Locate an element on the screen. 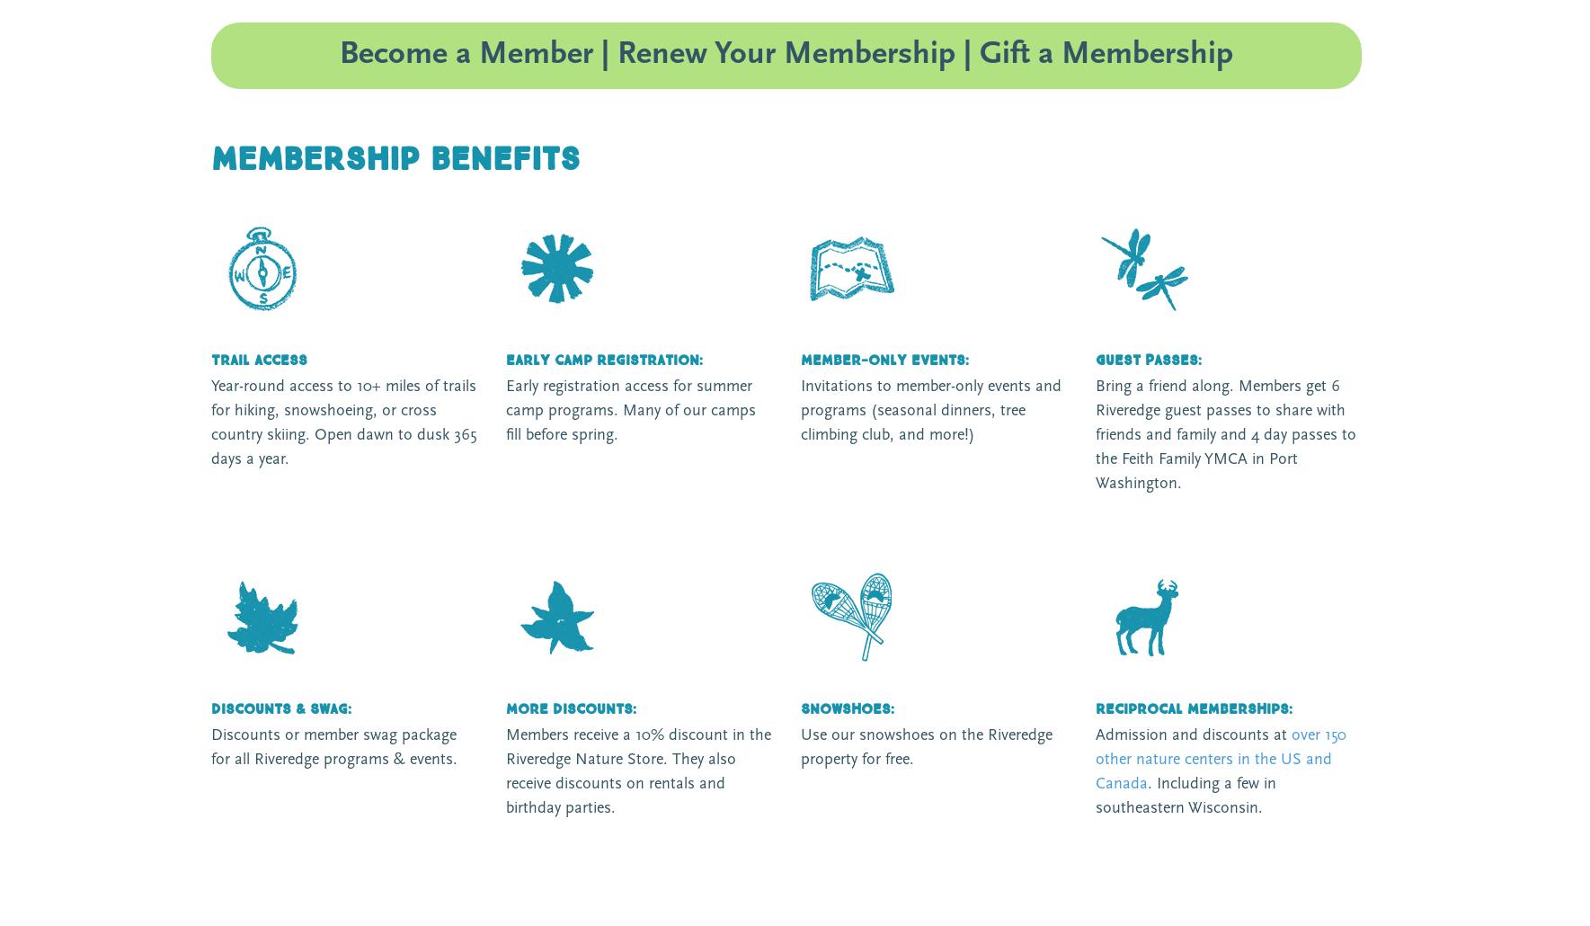  'MEMBERSHIP benefits' is located at coordinates (210, 158).